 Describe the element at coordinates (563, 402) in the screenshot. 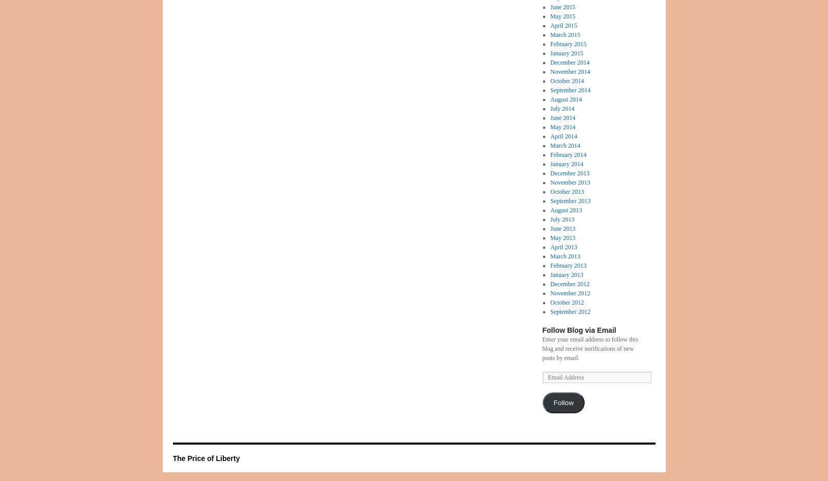

I see `'Follow'` at that location.